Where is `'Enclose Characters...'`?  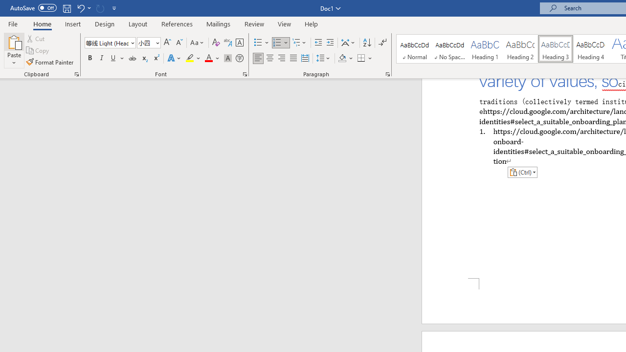
'Enclose Characters...' is located at coordinates (239, 58).